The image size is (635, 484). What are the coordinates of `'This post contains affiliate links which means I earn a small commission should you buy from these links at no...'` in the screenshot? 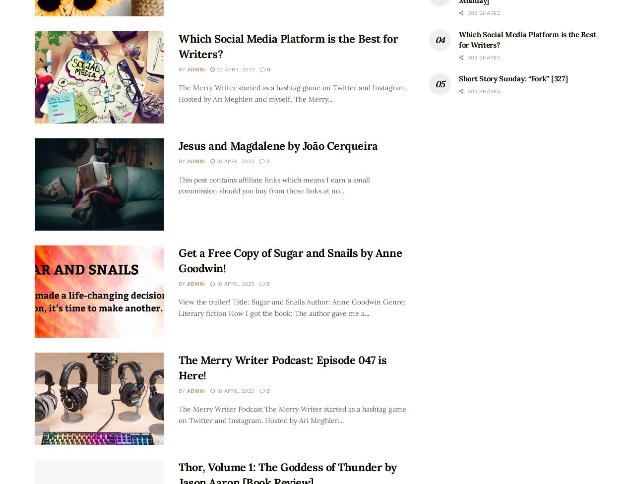 It's located at (178, 184).